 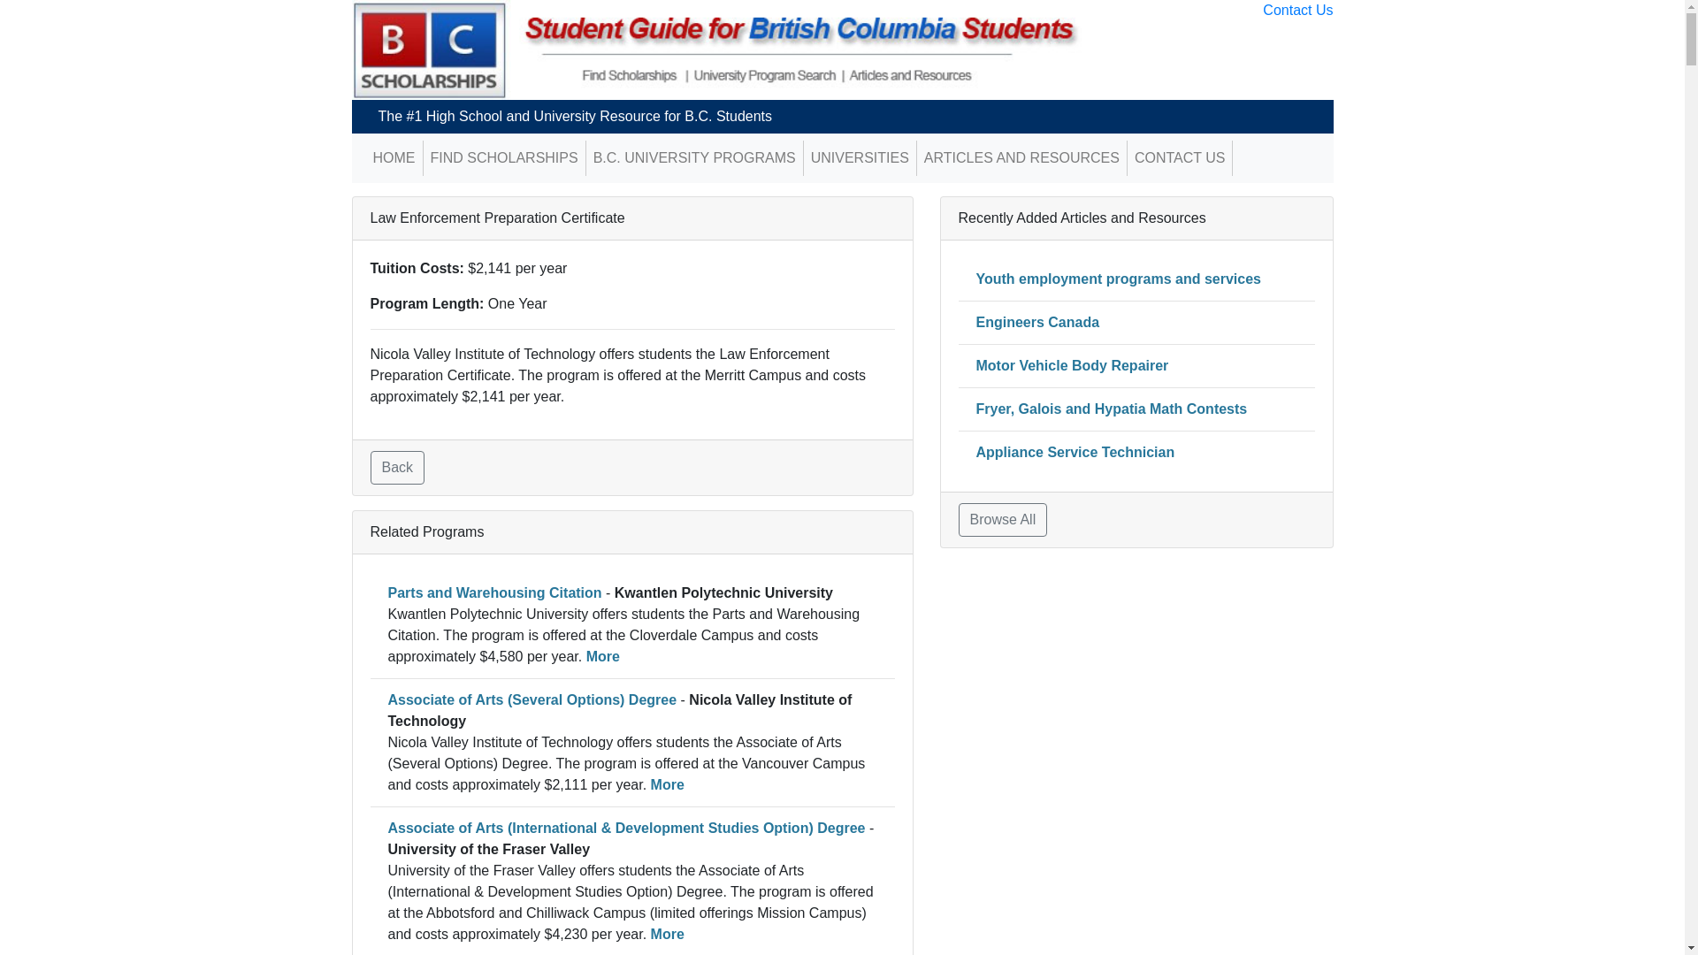 What do you see at coordinates (1038, 322) in the screenshot?
I see `'Engineers Canada'` at bounding box center [1038, 322].